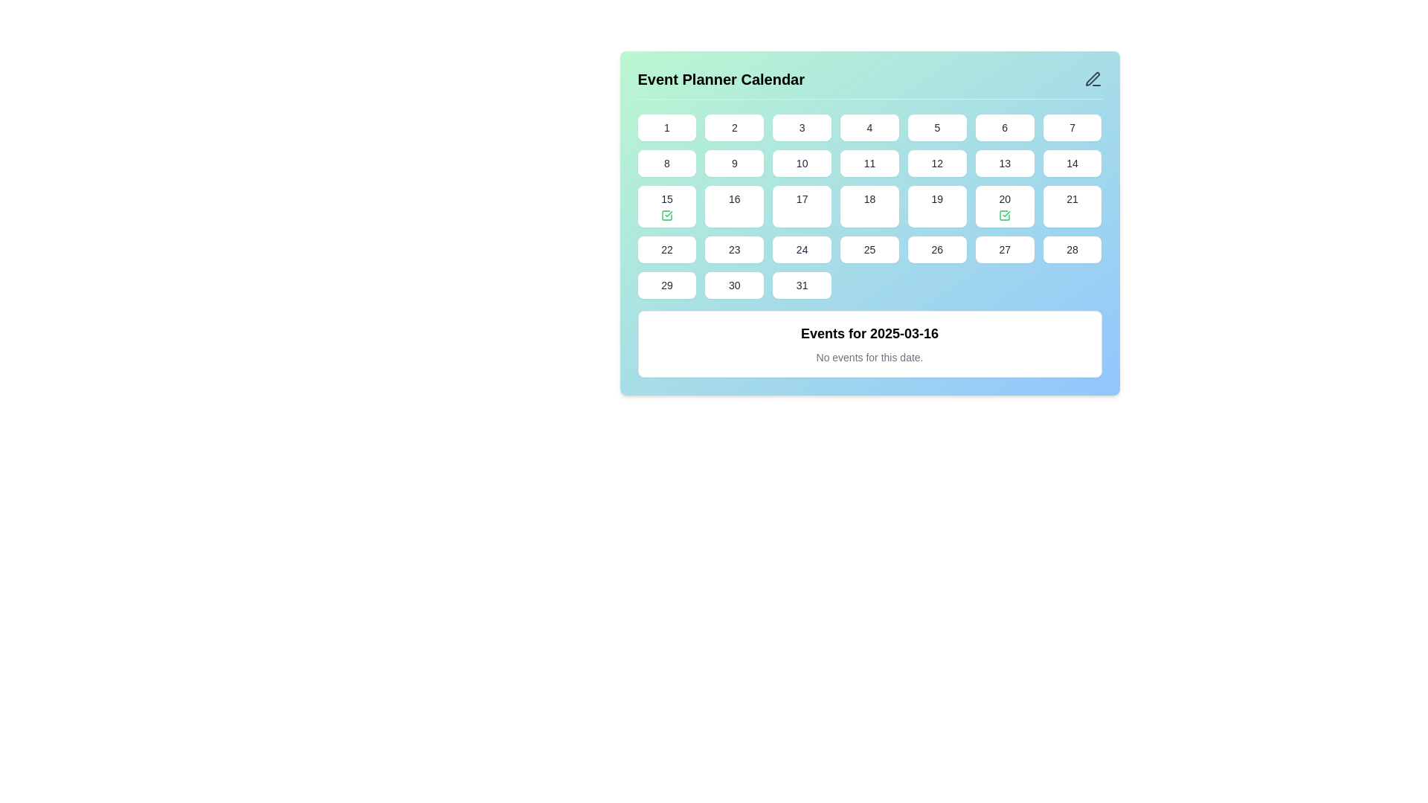 The height and width of the screenshot is (803, 1428). What do you see at coordinates (1072, 248) in the screenshot?
I see `the date cell displaying '28' in the calendar grid, which is styled as a button-like component with a white background and dark gray text` at bounding box center [1072, 248].